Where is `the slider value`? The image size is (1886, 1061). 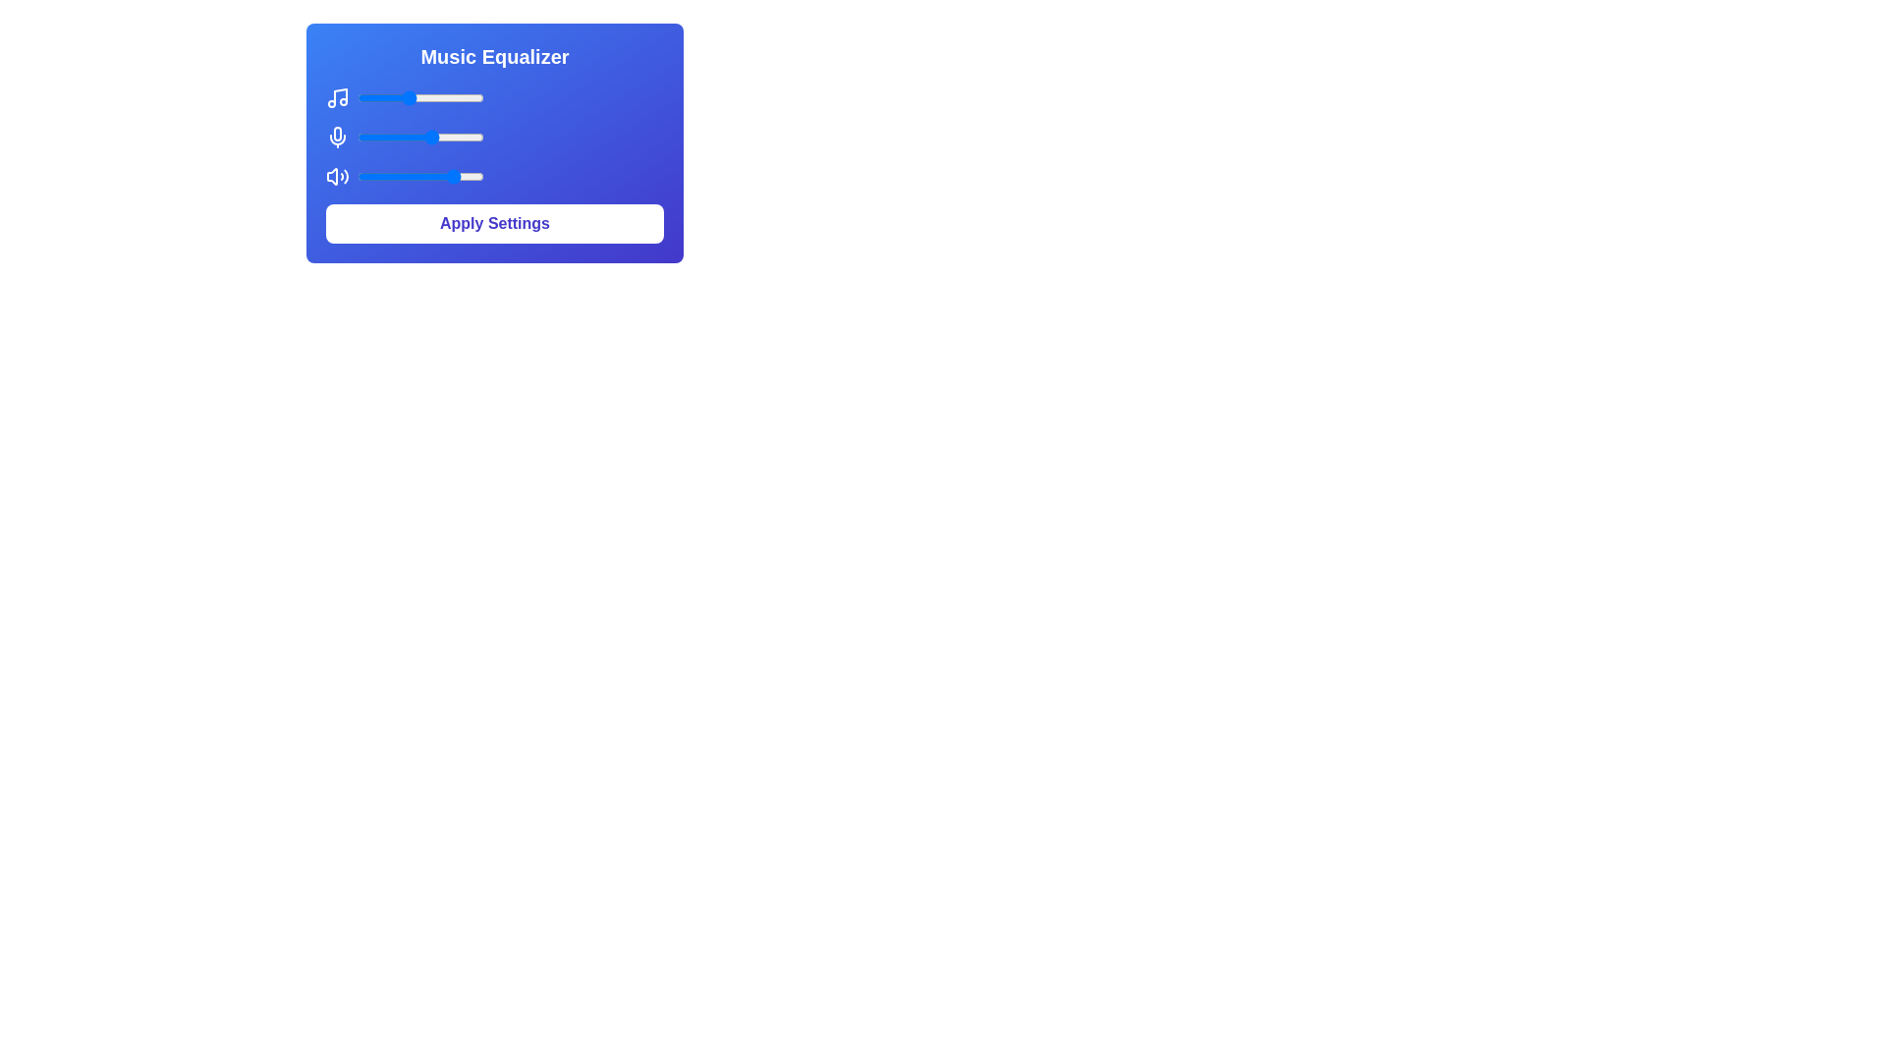
the slider value is located at coordinates (459, 177).